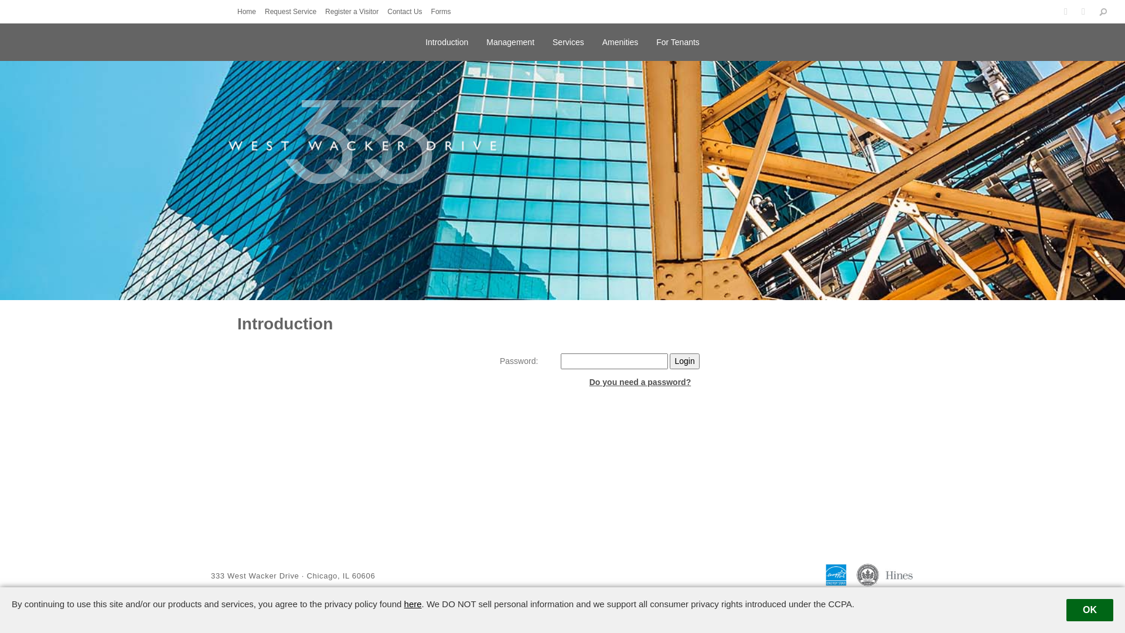  I want to click on 'Request Service', so click(264, 11).